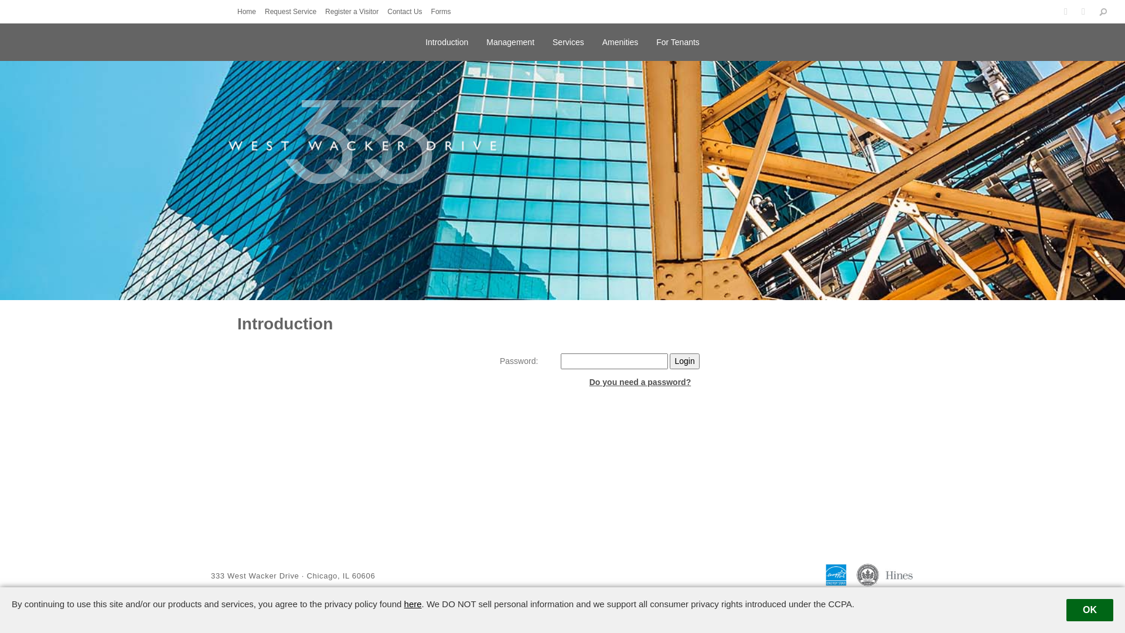  I want to click on 'Request Service', so click(264, 11).